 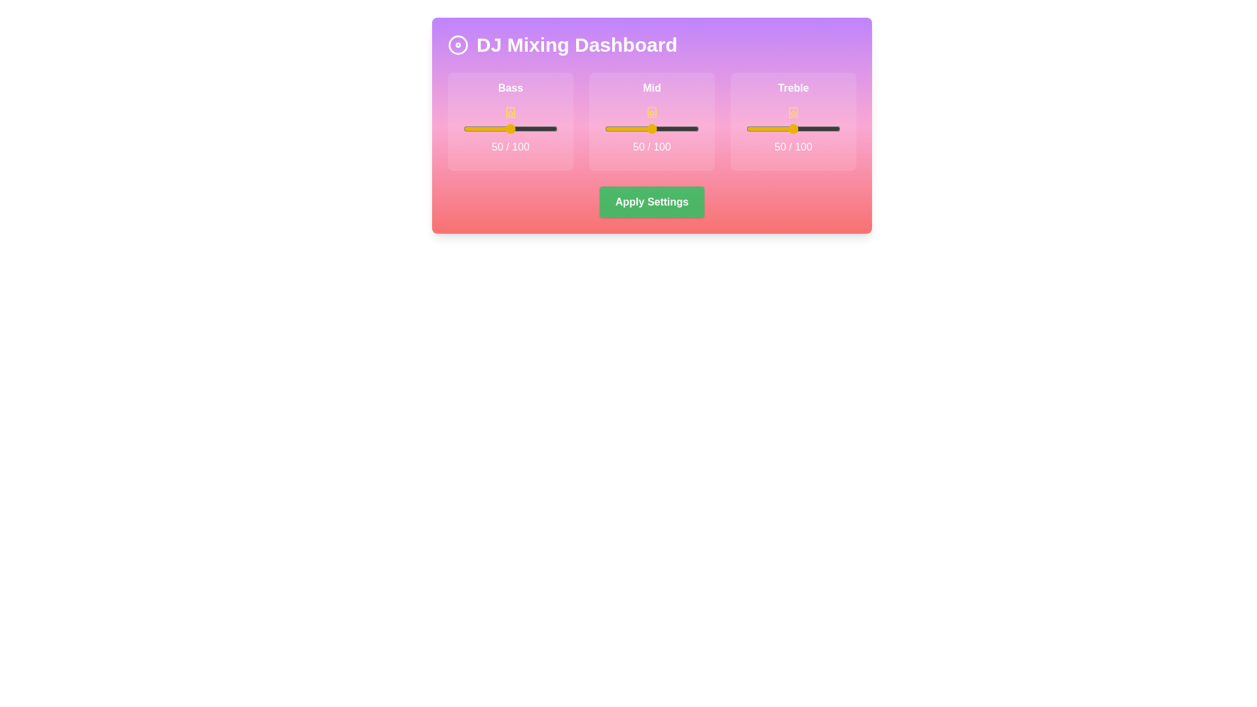 I want to click on the bass slider to set its value to 42, so click(x=502, y=128).